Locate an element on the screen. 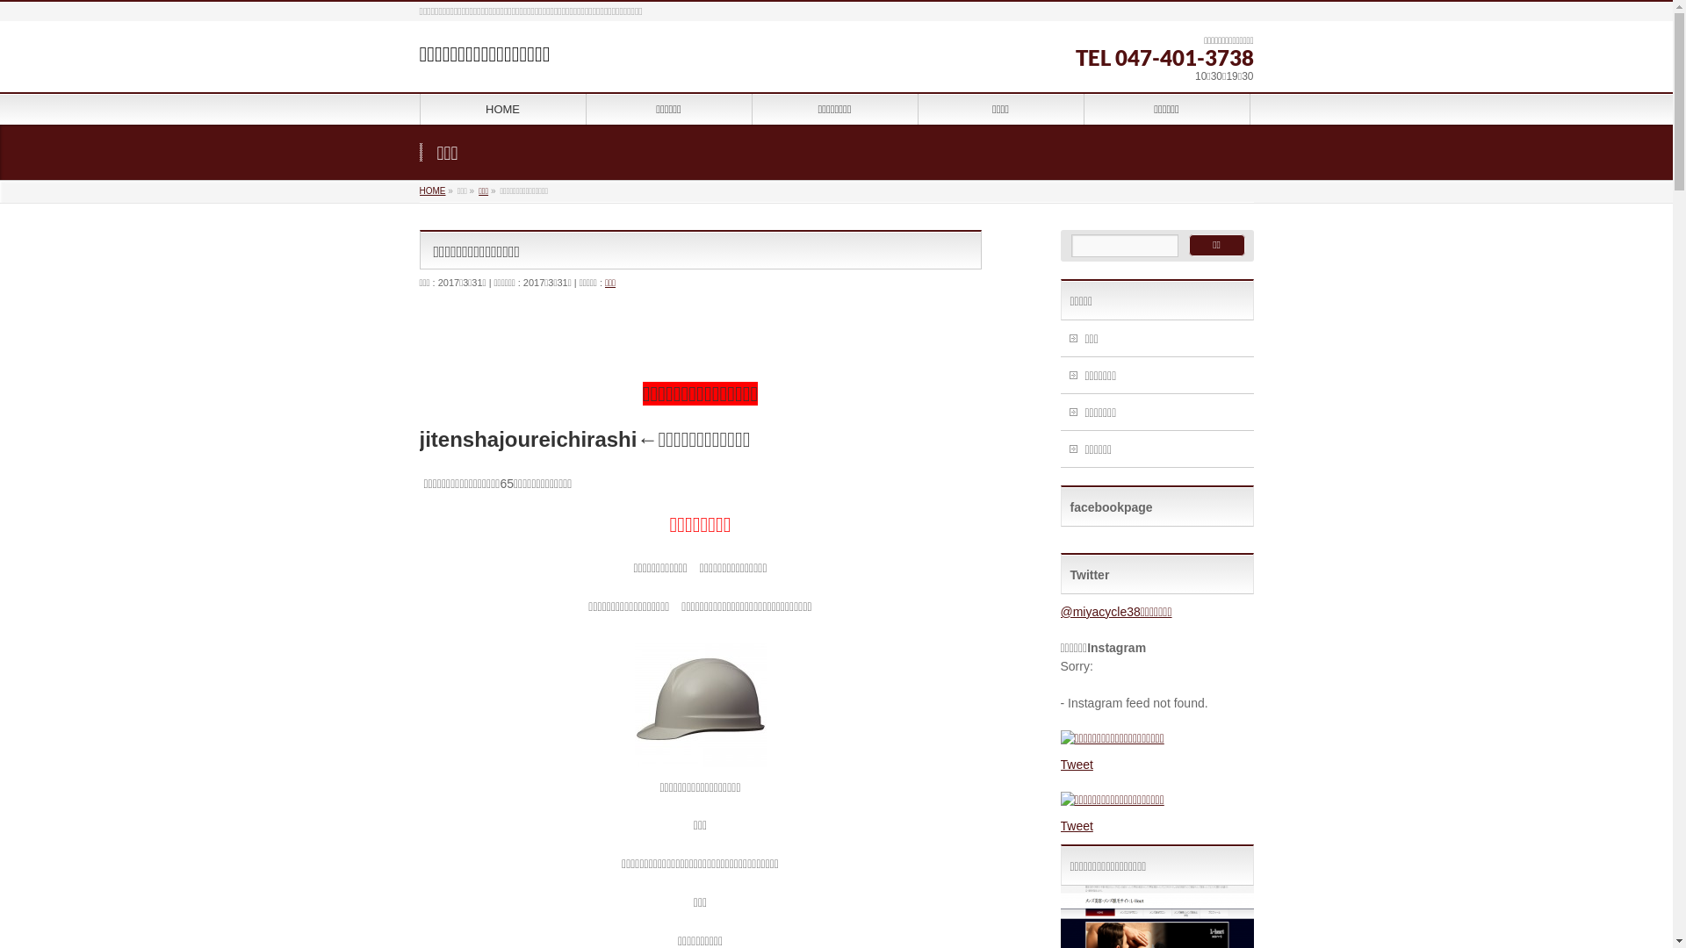  'HOME' is located at coordinates (419, 108).